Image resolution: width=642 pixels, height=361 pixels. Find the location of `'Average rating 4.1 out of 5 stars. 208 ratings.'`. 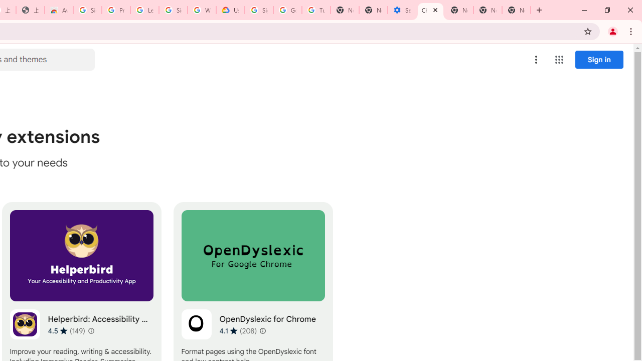

'Average rating 4.1 out of 5 stars. 208 ratings.' is located at coordinates (237, 330).